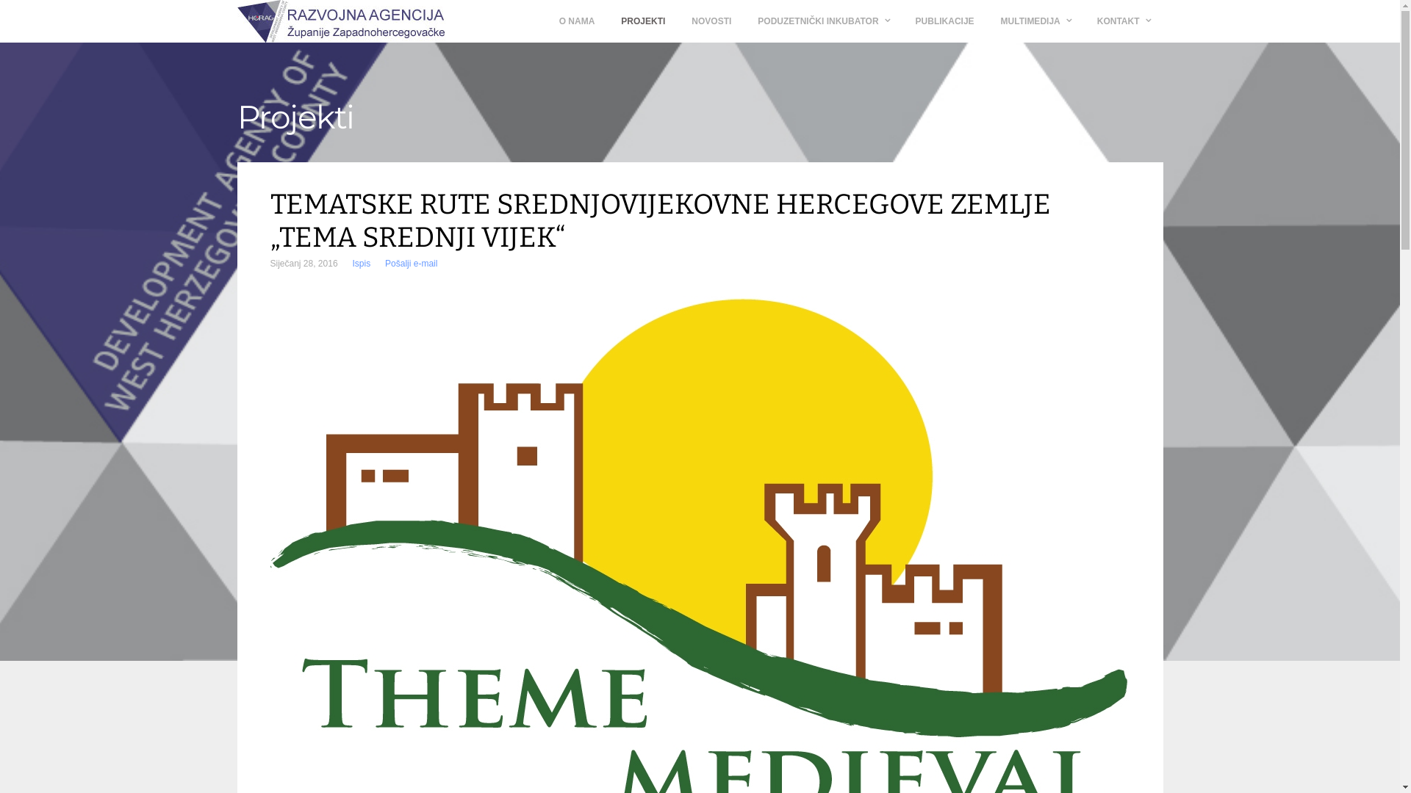  Describe the element at coordinates (576, 21) in the screenshot. I see `'O NAMA'` at that location.